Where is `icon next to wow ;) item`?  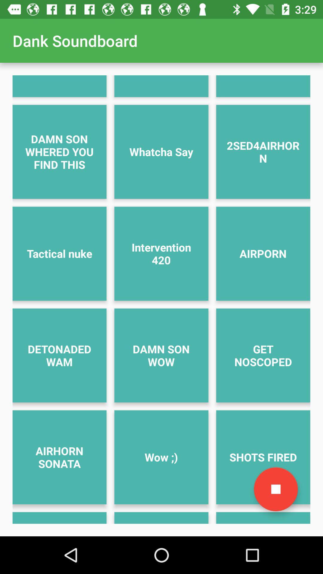 icon next to wow ;) item is located at coordinates (276, 489).